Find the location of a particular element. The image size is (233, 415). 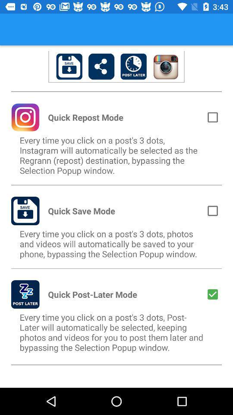

the first checkbox on the web page is located at coordinates (212, 117).